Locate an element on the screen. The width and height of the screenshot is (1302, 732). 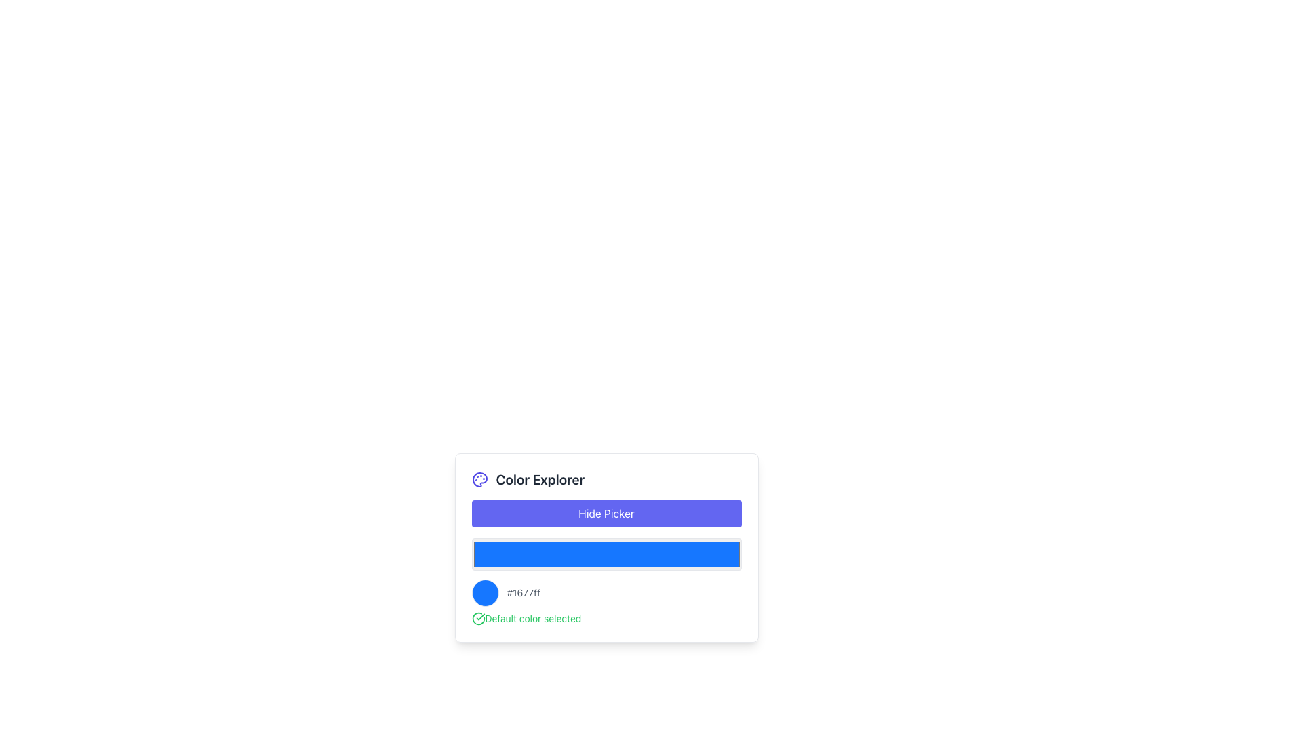
the checkmark icon that indicates the confirmation of the default color selection, located to the left of the text 'Default color selected' in green is located at coordinates (478, 619).